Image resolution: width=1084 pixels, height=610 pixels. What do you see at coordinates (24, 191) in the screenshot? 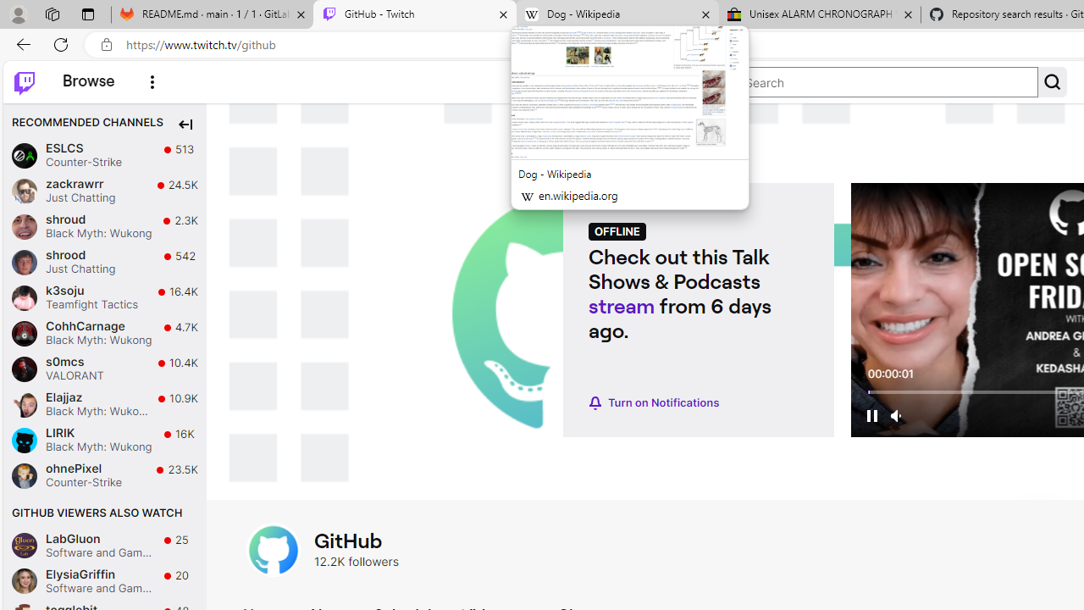
I see `'zackrawrr'` at bounding box center [24, 191].